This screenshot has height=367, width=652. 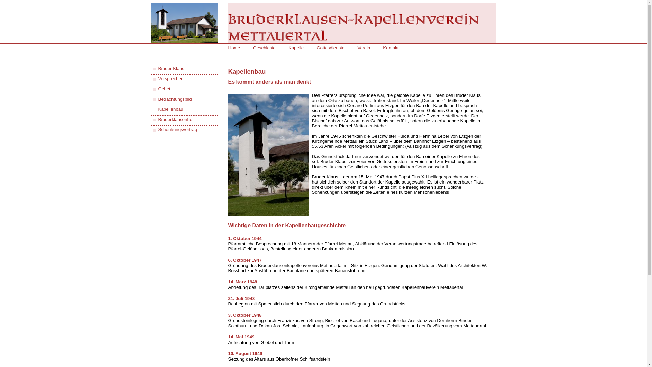 What do you see at coordinates (164, 88) in the screenshot?
I see `'Gebet'` at bounding box center [164, 88].